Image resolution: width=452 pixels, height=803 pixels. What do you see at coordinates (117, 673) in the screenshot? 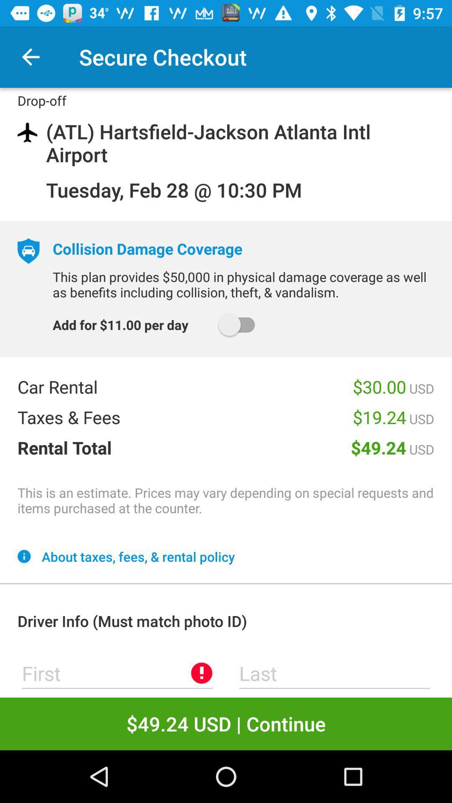
I see `first name` at bounding box center [117, 673].